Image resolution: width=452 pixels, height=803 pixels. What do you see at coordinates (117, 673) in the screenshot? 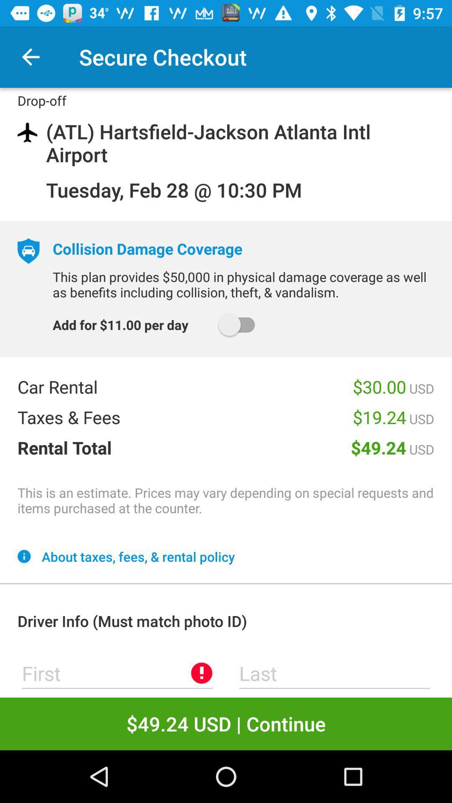
I see `first name` at bounding box center [117, 673].